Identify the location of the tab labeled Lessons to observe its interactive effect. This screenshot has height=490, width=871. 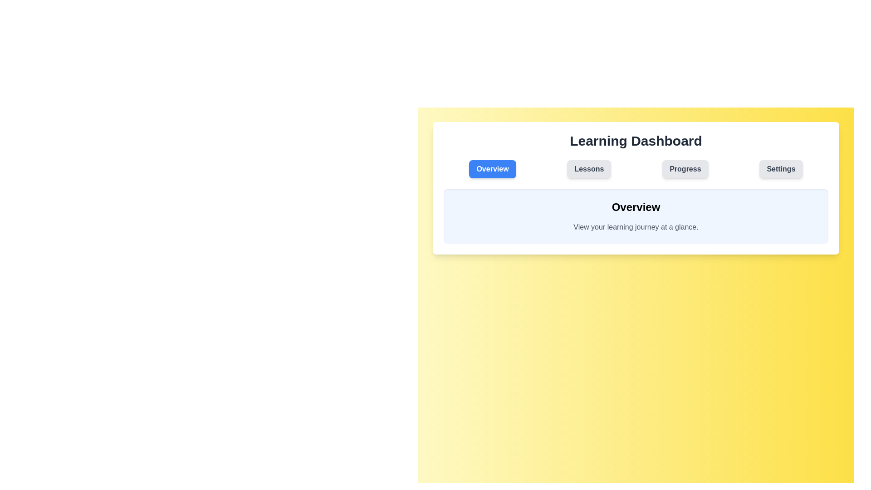
(589, 169).